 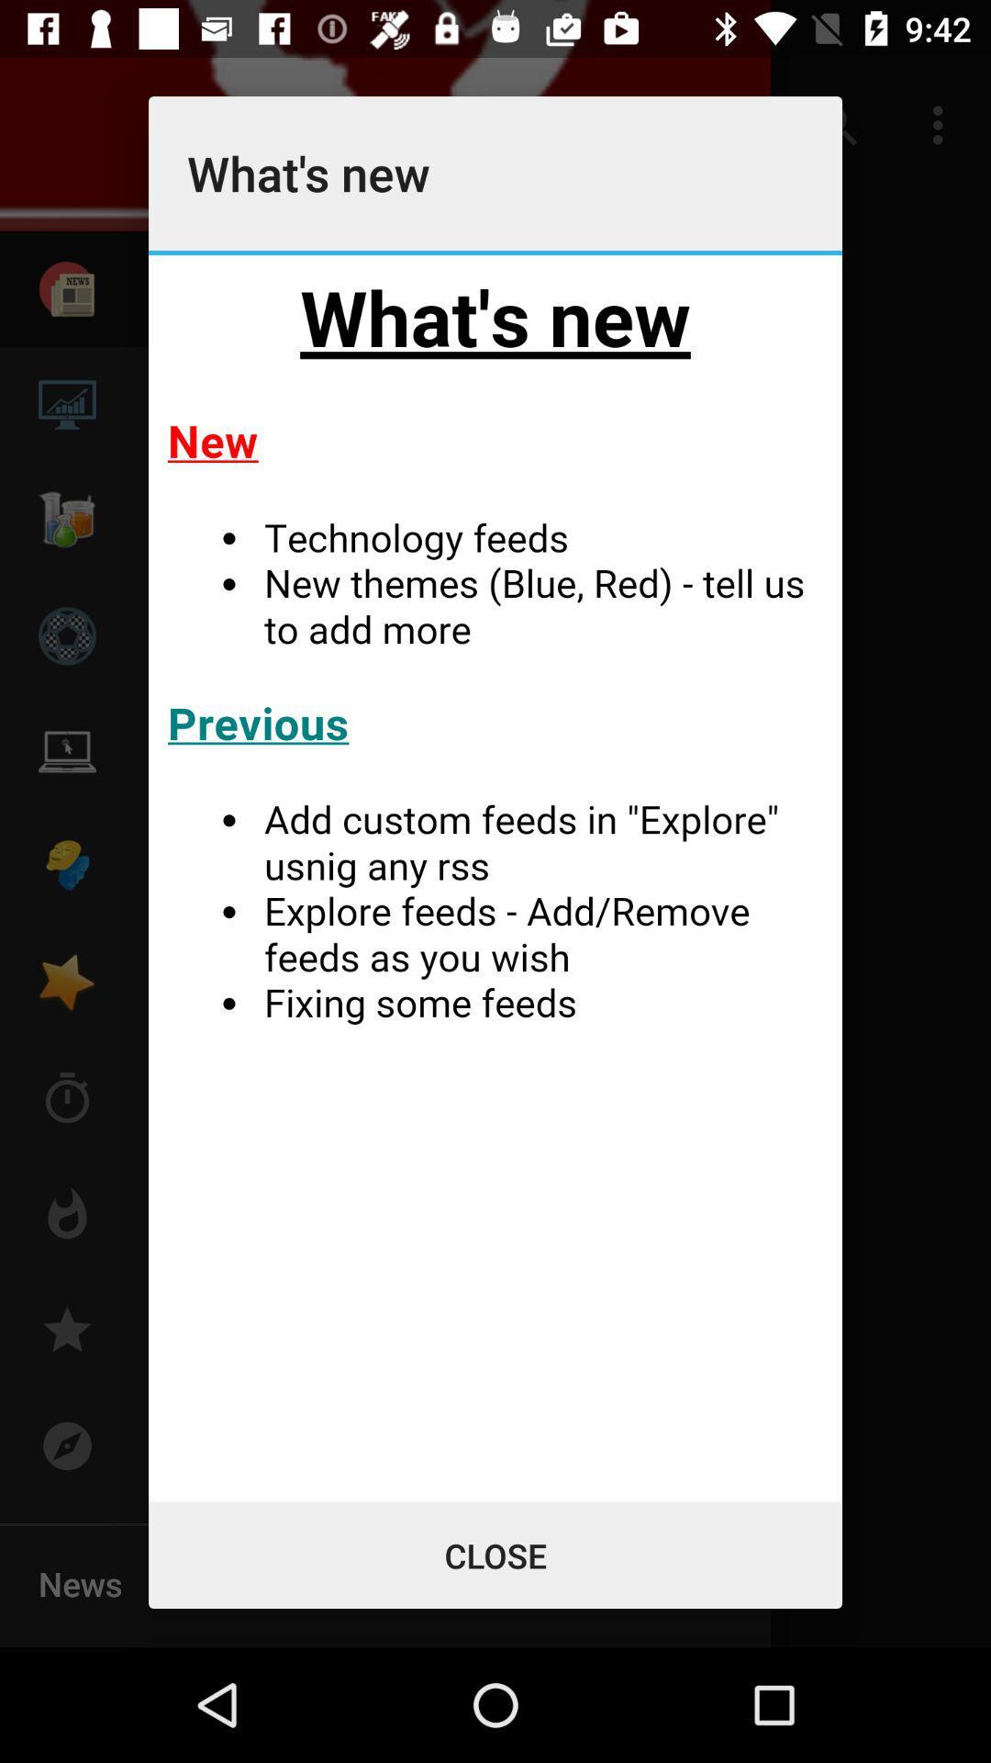 What do you see at coordinates (495, 877) in the screenshot?
I see `information about what 's new in the app` at bounding box center [495, 877].